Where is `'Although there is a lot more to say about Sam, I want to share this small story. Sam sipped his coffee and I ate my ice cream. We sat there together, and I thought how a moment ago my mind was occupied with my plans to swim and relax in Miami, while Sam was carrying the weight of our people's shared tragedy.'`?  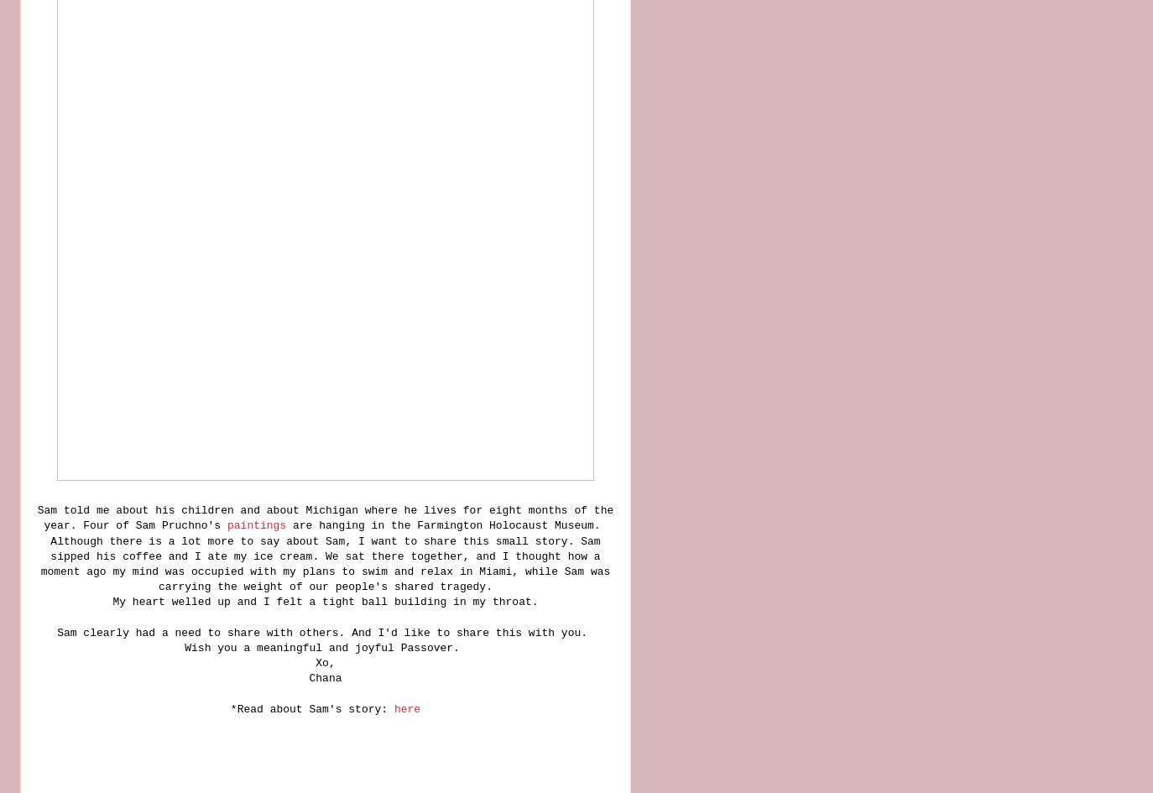 'Although there is a lot more to say about Sam, I want to share this small story. Sam sipped his coffee and I ate my ice cream. We sat there together, and I thought how a moment ago my mind was occupied with my plans to swim and relax in Miami, while Sam was carrying the weight of our people's shared tragedy.' is located at coordinates (39, 562).